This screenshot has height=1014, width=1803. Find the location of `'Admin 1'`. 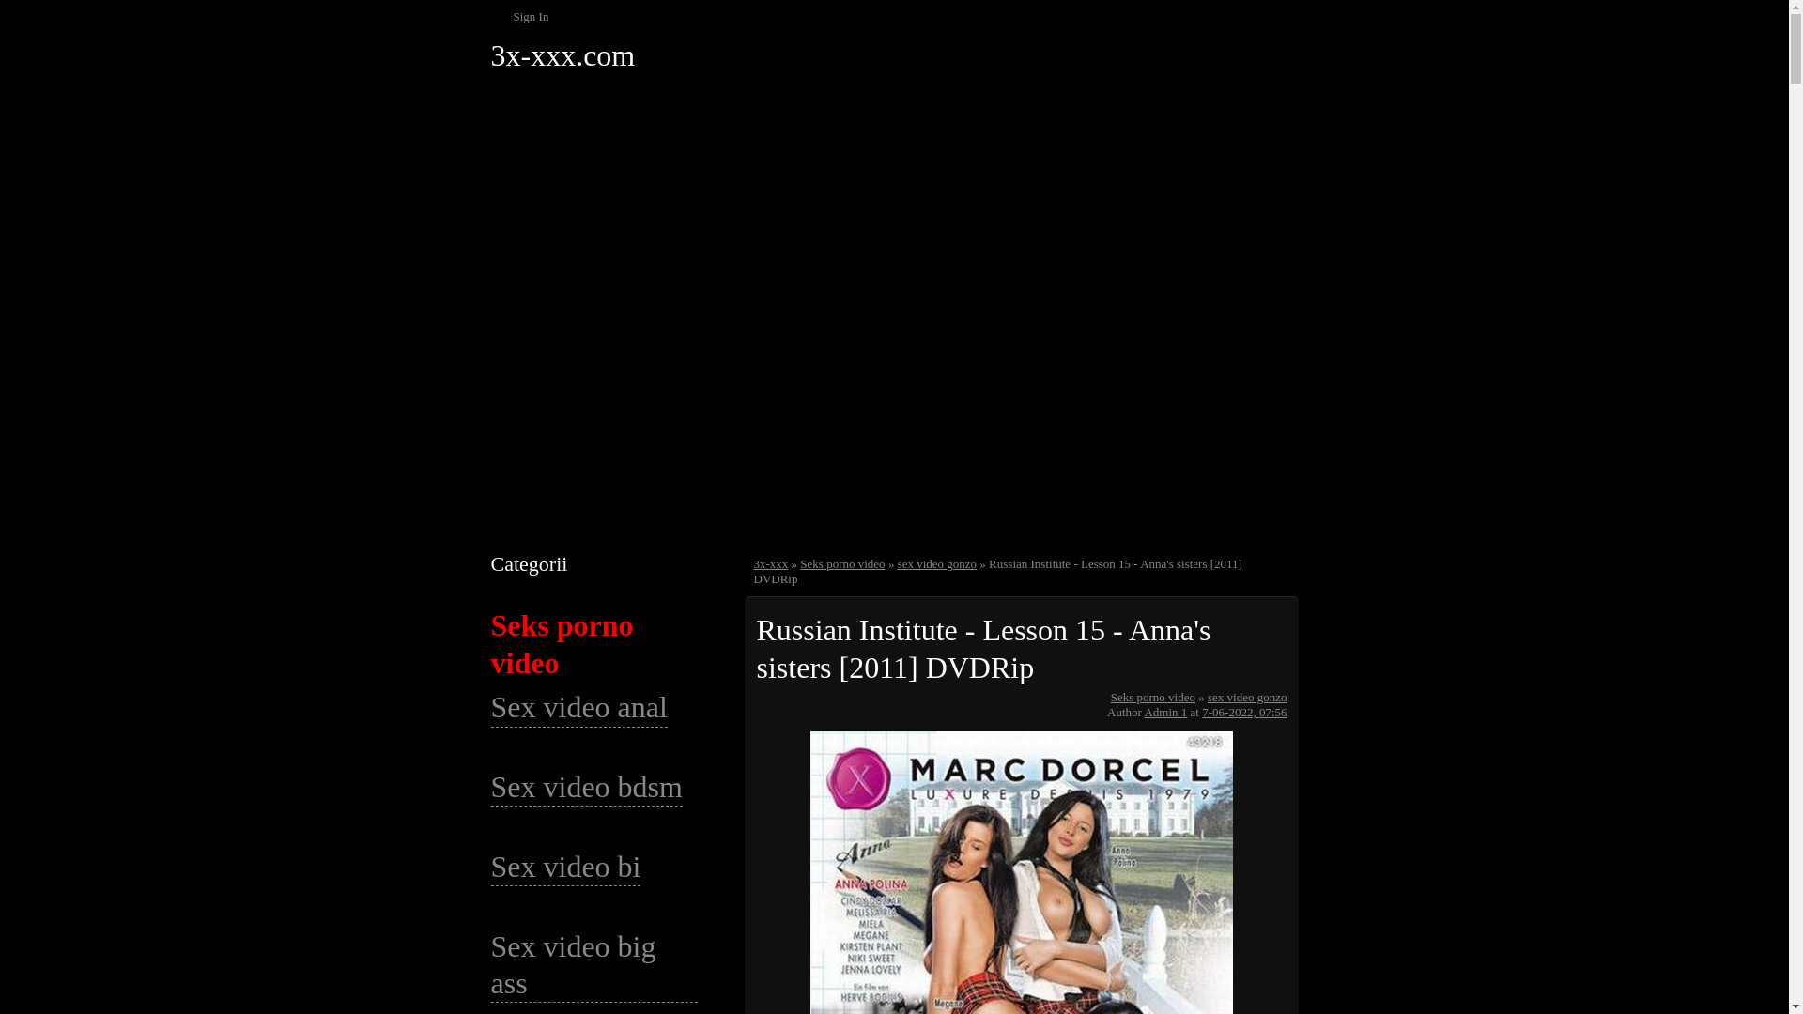

'Admin 1' is located at coordinates (1164, 712).